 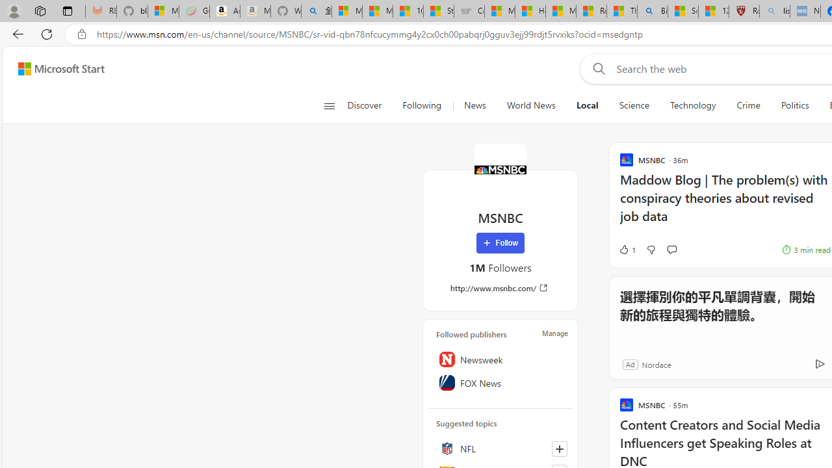 What do you see at coordinates (499, 287) in the screenshot?
I see `'http://www.msnbc.com/'` at bounding box center [499, 287].